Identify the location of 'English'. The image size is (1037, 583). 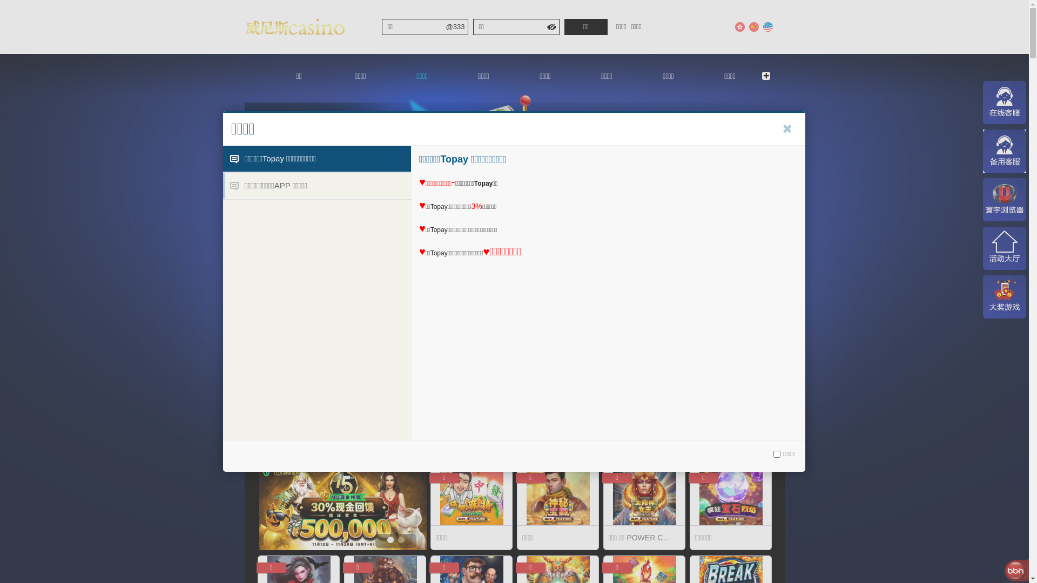
(766, 26).